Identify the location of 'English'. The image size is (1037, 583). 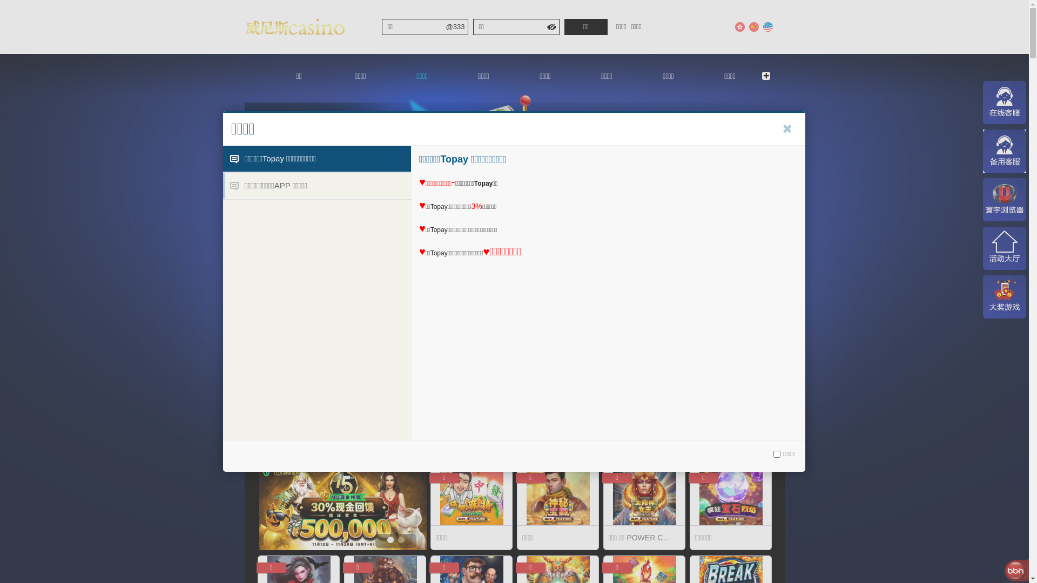
(766, 26).